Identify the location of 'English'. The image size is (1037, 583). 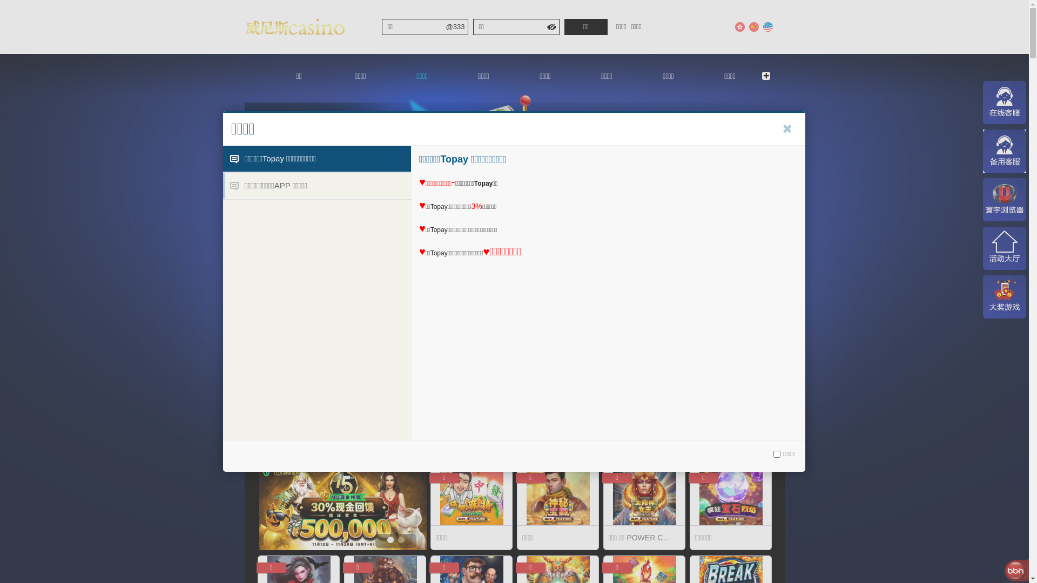
(766, 26).